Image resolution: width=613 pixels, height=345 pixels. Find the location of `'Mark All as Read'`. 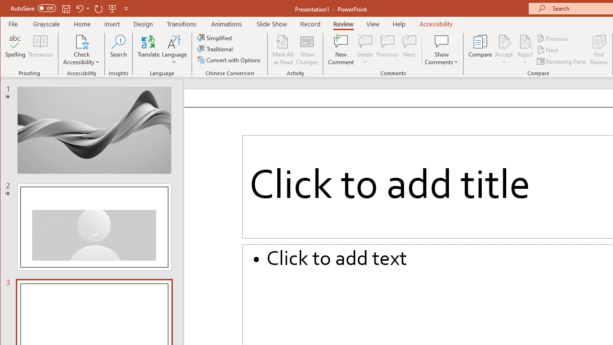

'Mark All as Read' is located at coordinates (283, 50).